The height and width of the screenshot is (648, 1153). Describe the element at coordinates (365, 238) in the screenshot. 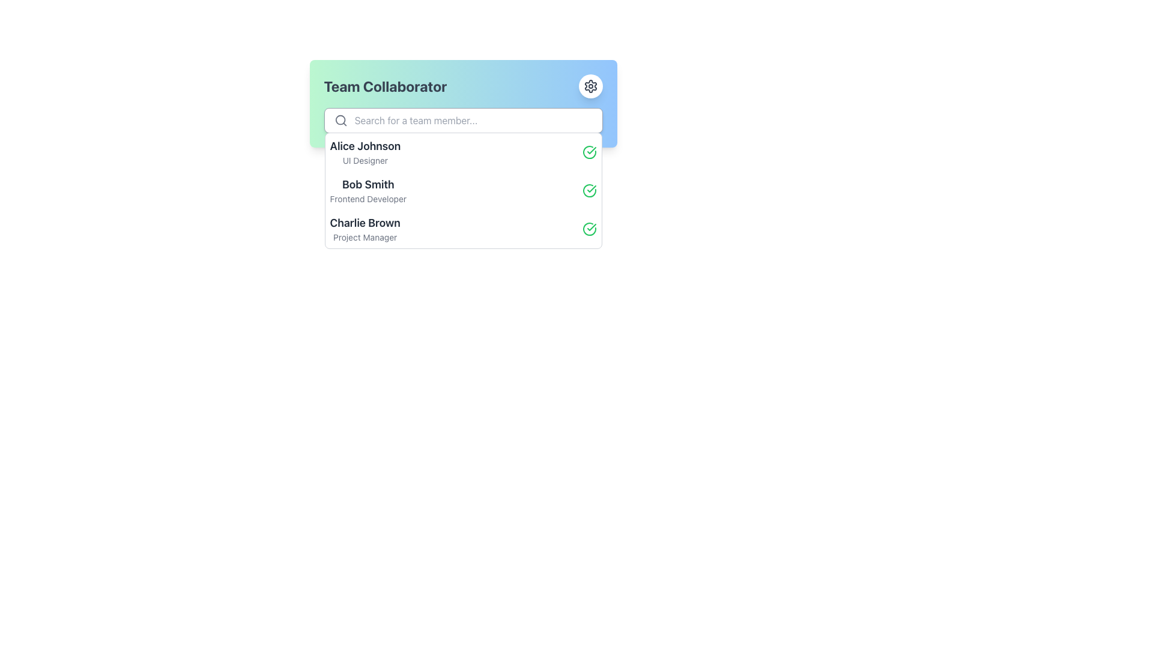

I see `the text component displaying 'Project Manager', which is styled in light gray and positioned below 'Charlie Brown' in the team member list` at that location.